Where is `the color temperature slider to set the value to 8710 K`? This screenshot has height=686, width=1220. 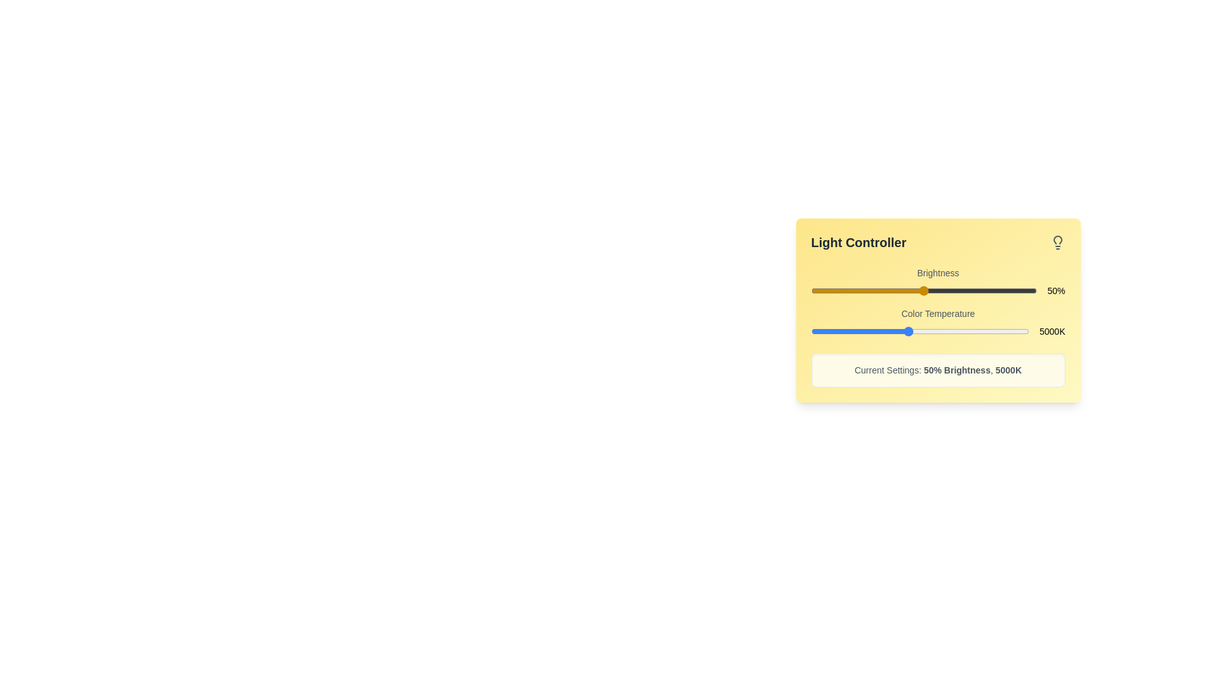
the color temperature slider to set the value to 8710 K is located at coordinates (997, 330).